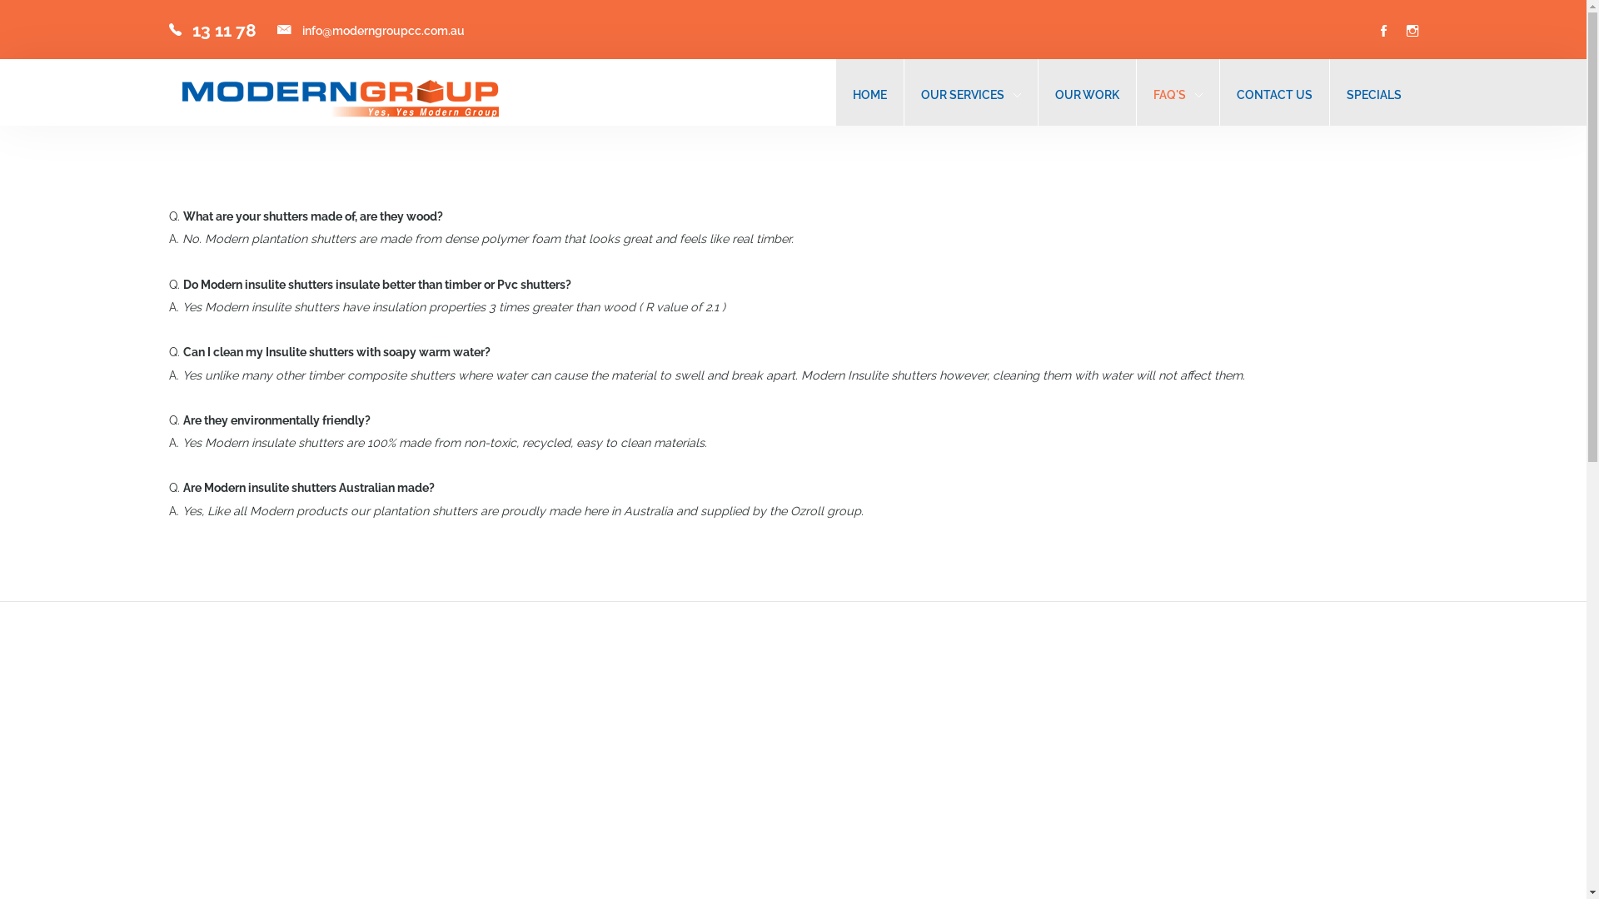 The height and width of the screenshot is (899, 1599). Describe the element at coordinates (1086, 94) in the screenshot. I see `'OUR WORK'` at that location.